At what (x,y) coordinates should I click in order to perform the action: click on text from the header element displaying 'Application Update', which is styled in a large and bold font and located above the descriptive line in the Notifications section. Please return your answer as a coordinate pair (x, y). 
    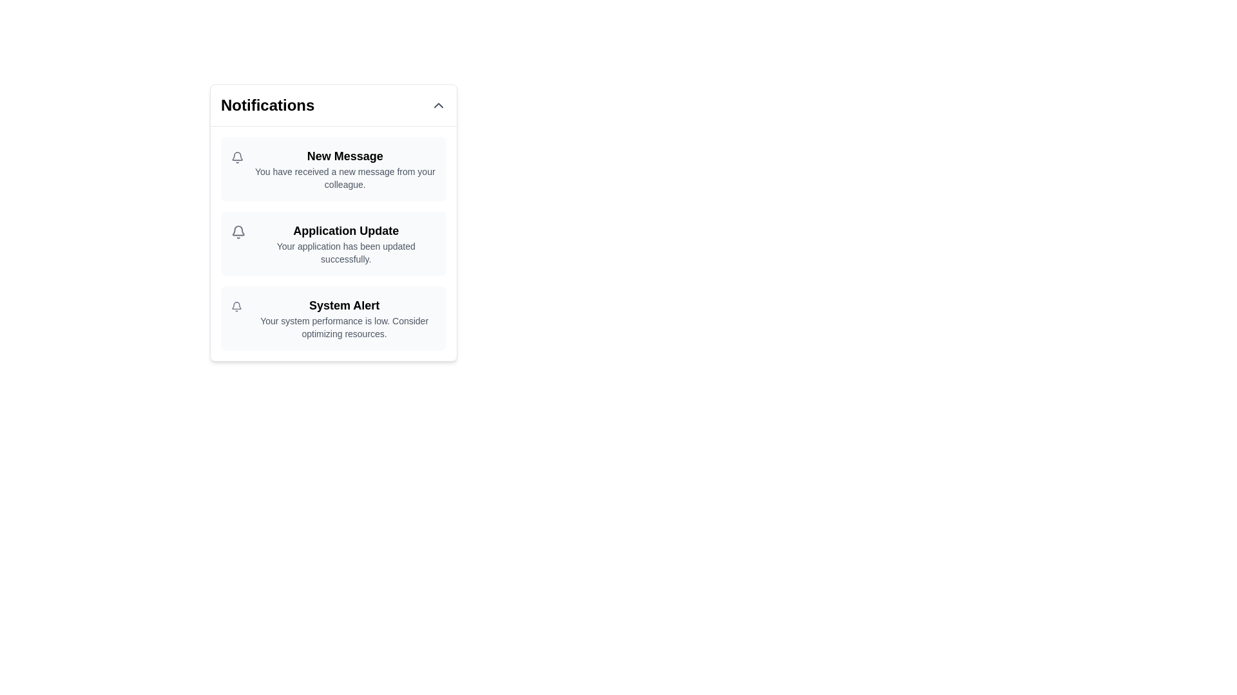
    Looking at the image, I should click on (346, 230).